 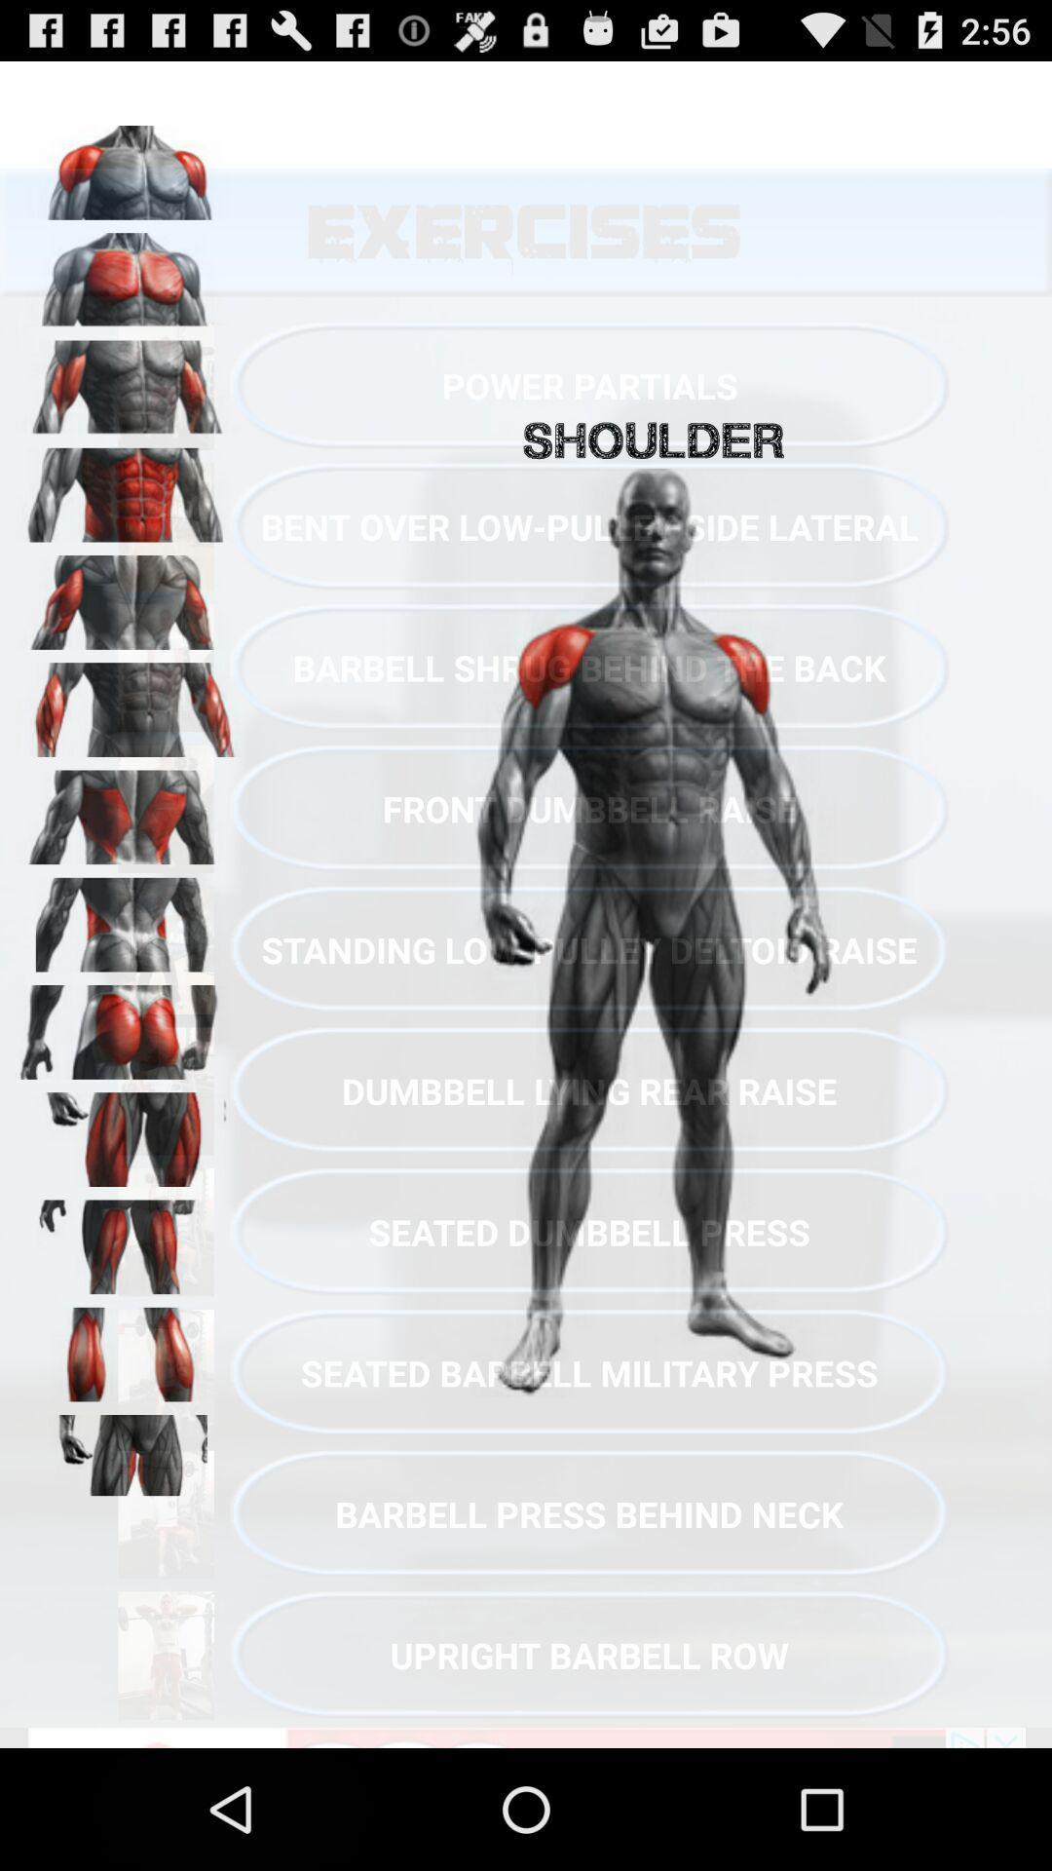 I want to click on shoulder, so click(x=128, y=166).